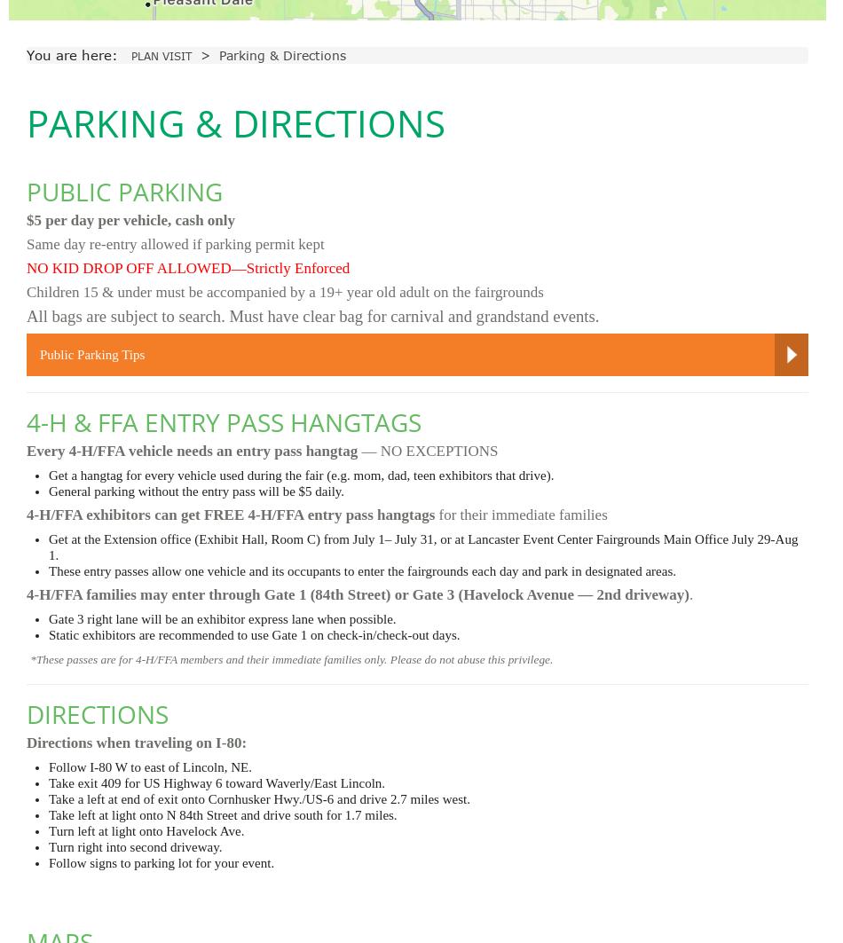  What do you see at coordinates (258, 798) in the screenshot?
I see `'Take a left at end of exit onto Cornhusker Hwy./US-6 and drive 2.7 miles west.'` at bounding box center [258, 798].